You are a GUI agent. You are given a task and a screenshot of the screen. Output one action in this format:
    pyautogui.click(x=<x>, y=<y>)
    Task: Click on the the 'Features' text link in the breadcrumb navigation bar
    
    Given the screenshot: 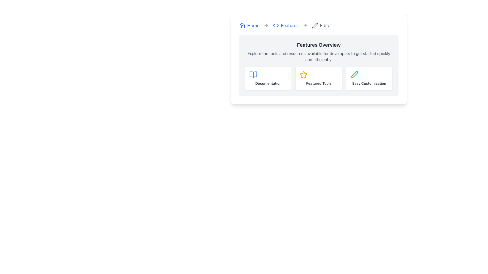 What is the action you would take?
    pyautogui.click(x=289, y=25)
    